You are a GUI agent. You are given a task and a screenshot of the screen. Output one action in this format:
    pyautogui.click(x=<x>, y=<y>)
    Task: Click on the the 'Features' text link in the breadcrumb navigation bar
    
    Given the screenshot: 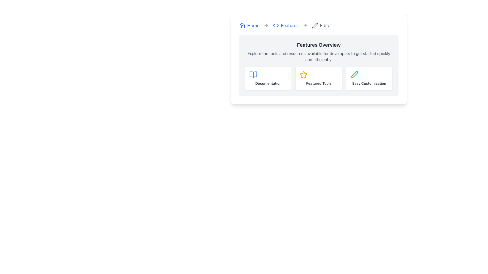 What is the action you would take?
    pyautogui.click(x=289, y=25)
    